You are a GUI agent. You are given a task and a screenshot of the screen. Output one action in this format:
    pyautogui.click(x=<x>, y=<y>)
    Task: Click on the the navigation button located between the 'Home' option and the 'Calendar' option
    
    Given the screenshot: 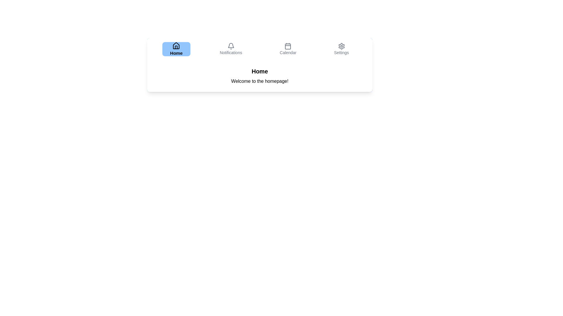 What is the action you would take?
    pyautogui.click(x=230, y=49)
    